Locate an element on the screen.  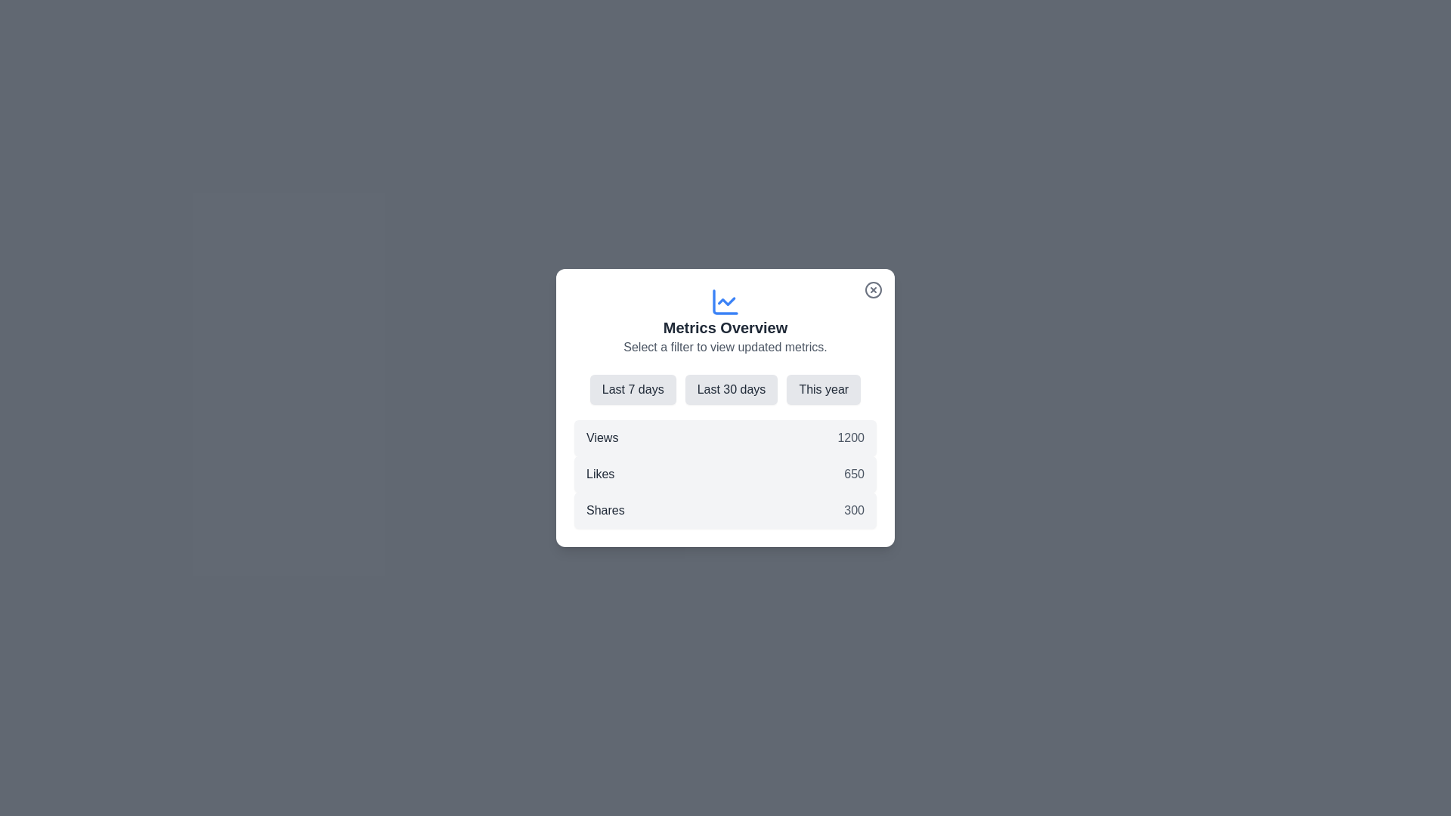
the chart icon to interact with it is located at coordinates (725, 302).